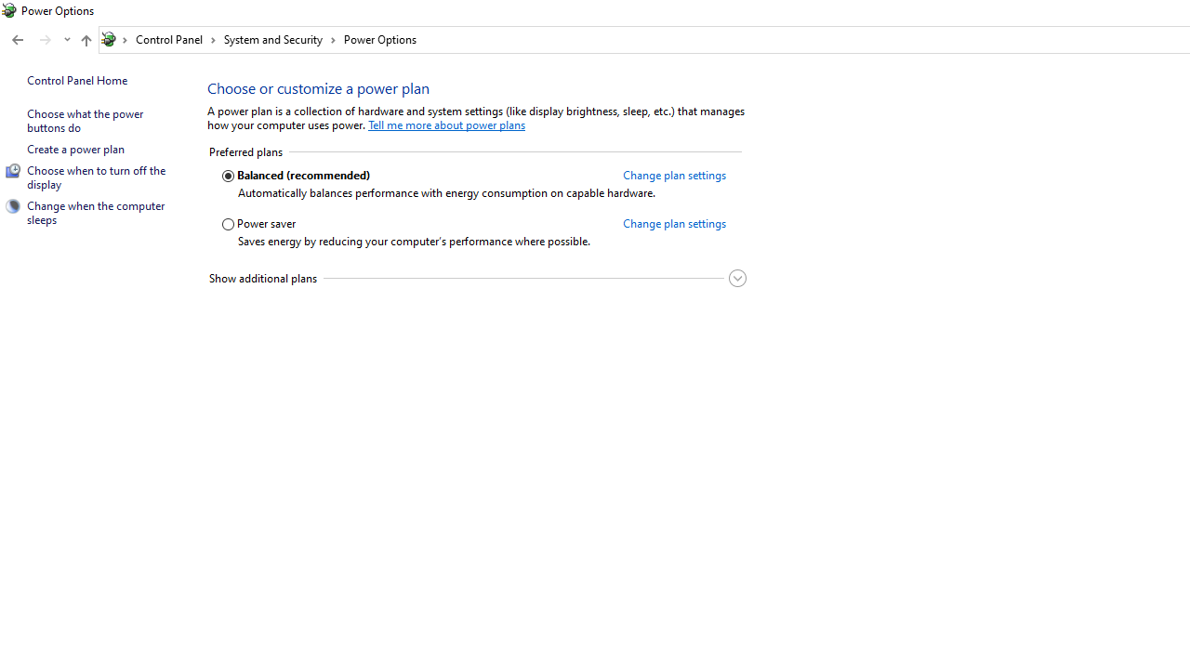 This screenshot has width=1190, height=669. What do you see at coordinates (85, 42) in the screenshot?
I see `'Up band toolbar'` at bounding box center [85, 42].